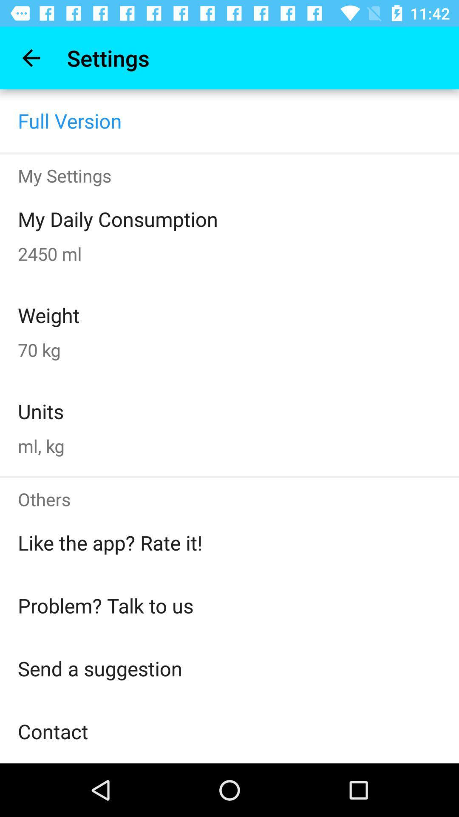 The height and width of the screenshot is (817, 459). I want to click on item above full version, so click(31, 57).